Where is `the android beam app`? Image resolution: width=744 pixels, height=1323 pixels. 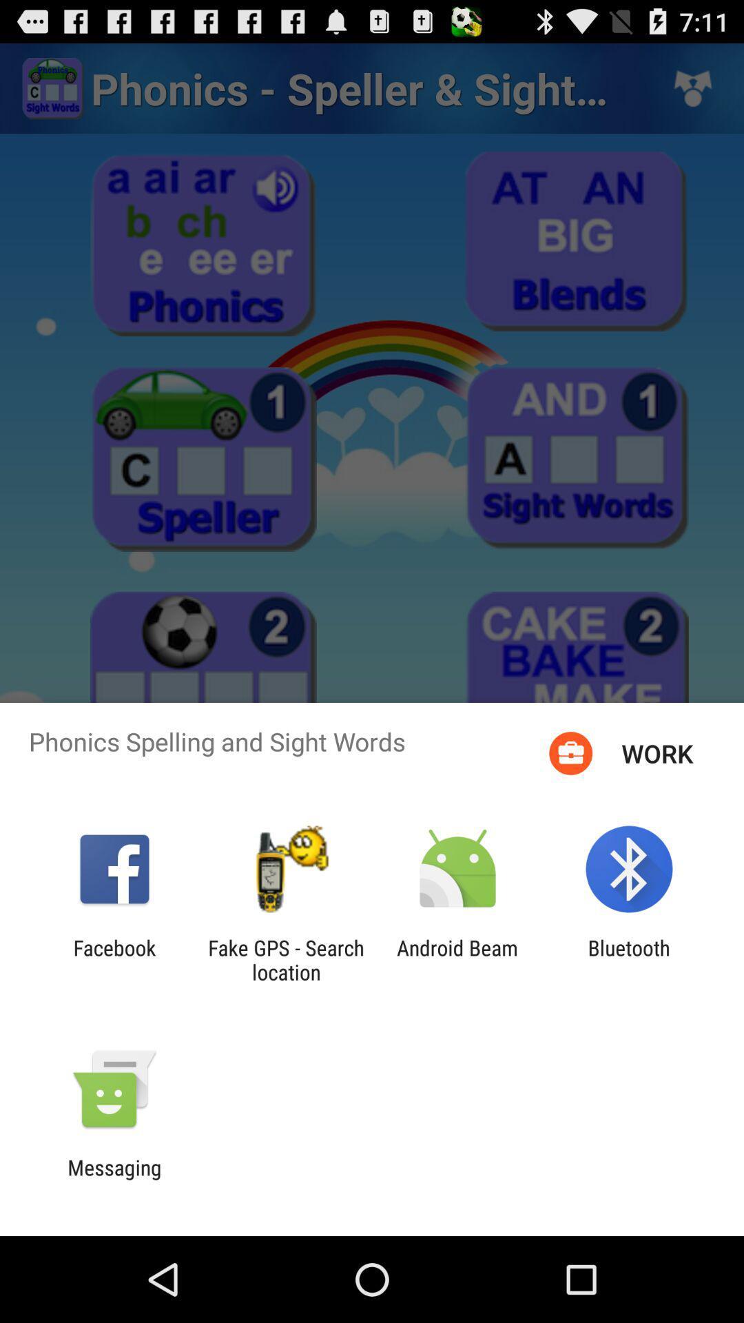 the android beam app is located at coordinates (457, 959).